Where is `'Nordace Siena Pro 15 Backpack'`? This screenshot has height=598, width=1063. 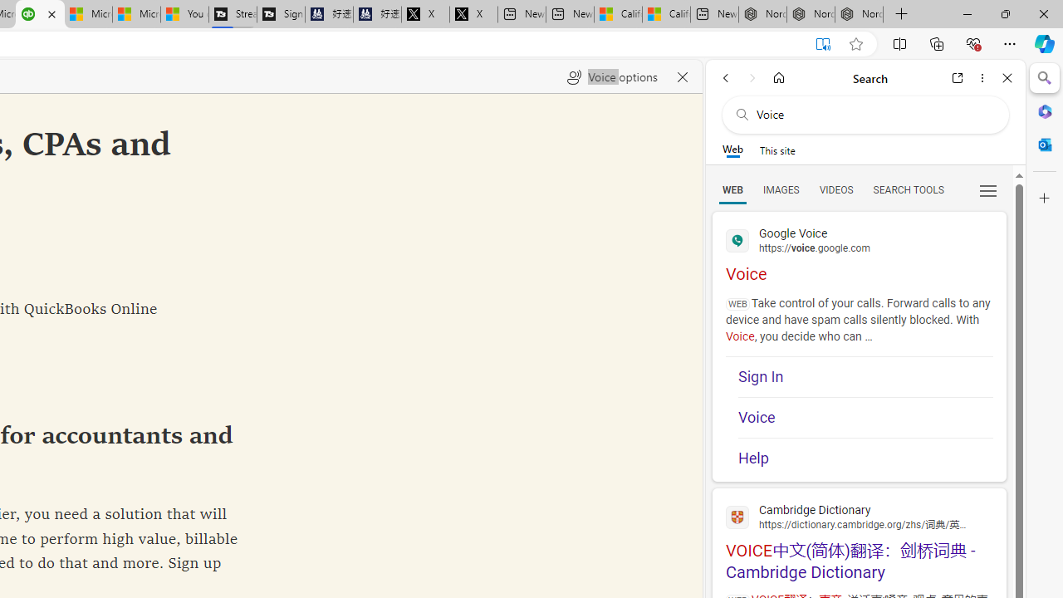 'Nordace Siena Pro 15 Backpack' is located at coordinates (811, 14).